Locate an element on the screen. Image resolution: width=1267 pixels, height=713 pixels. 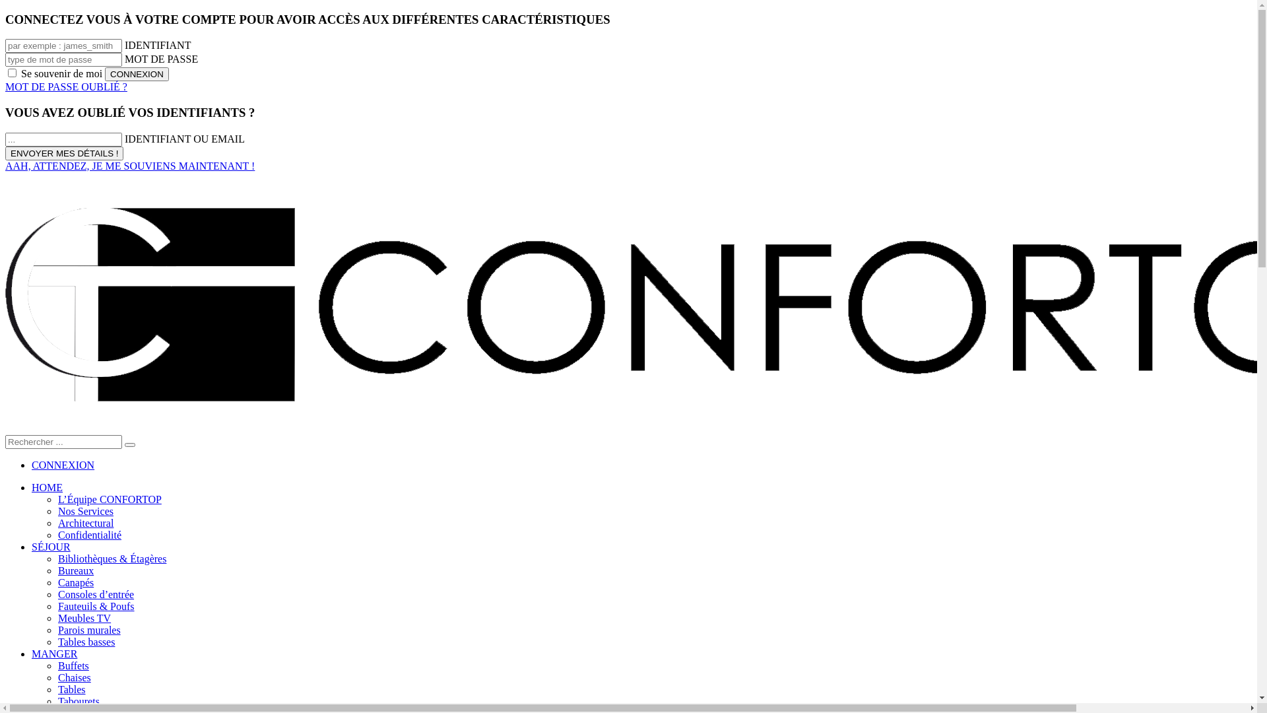
'Meubles TV' is located at coordinates (84, 618).